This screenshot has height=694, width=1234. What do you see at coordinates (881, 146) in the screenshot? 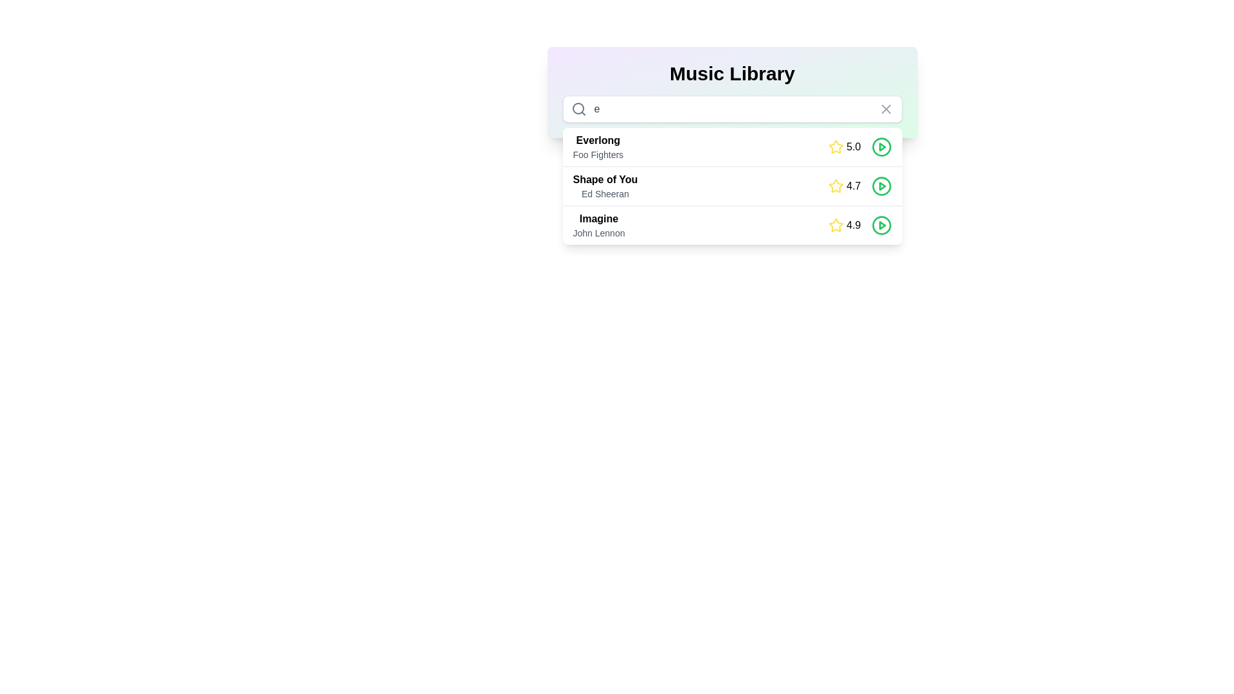
I see `the triangular play icon located within the circular play button, which is positioned to the right of the second list item in the application interface, to initiate playback` at bounding box center [881, 146].